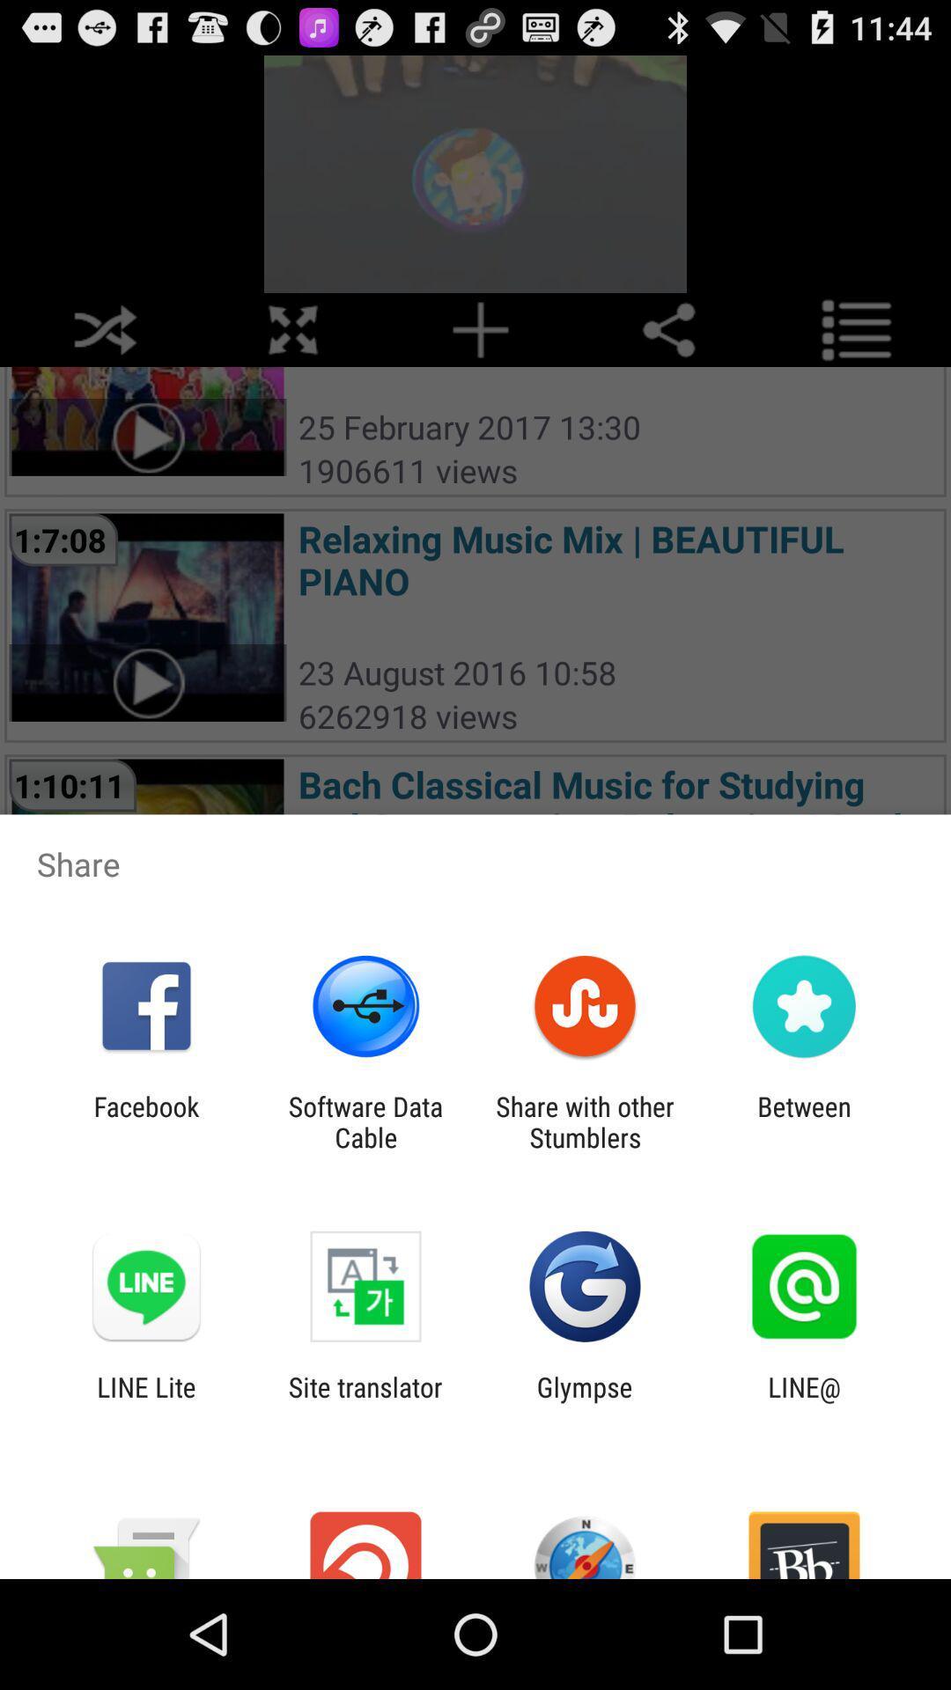 The height and width of the screenshot is (1690, 951). Describe the element at coordinates (365, 1121) in the screenshot. I see `the icon next to the facebook` at that location.